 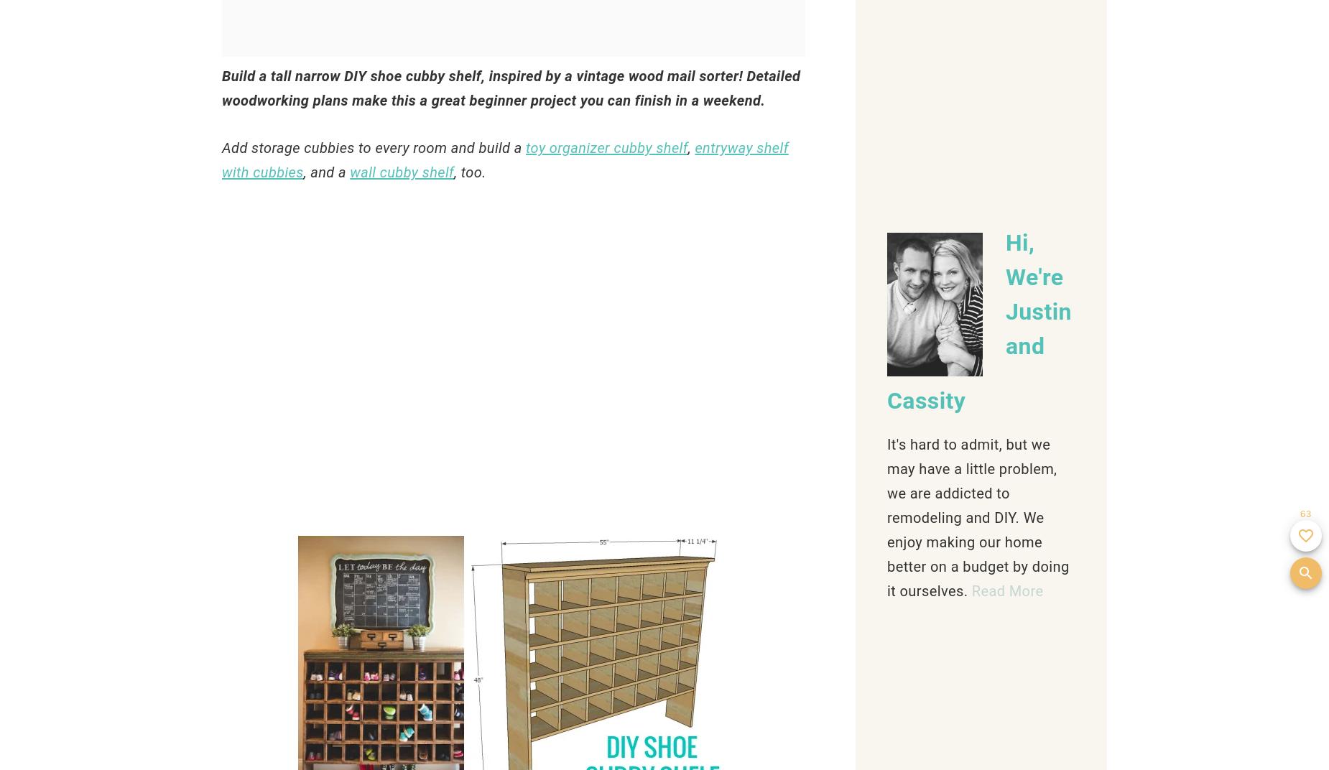 What do you see at coordinates (471, 172) in the screenshot?
I see `', too.'` at bounding box center [471, 172].